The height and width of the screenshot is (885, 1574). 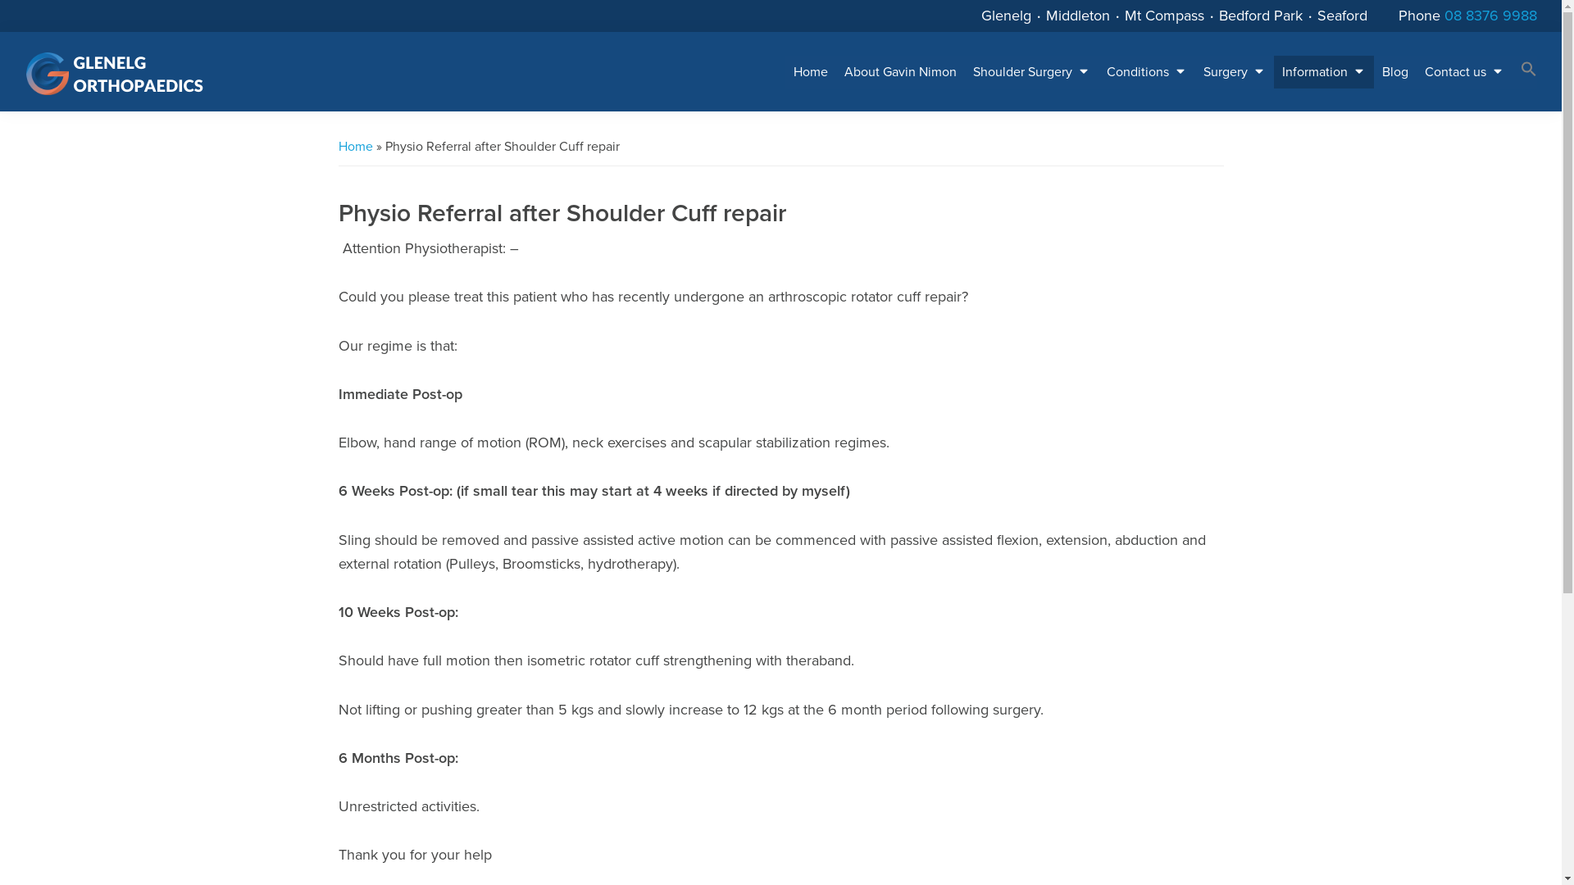 What do you see at coordinates (1005, 16) in the screenshot?
I see `'Glenelg'` at bounding box center [1005, 16].